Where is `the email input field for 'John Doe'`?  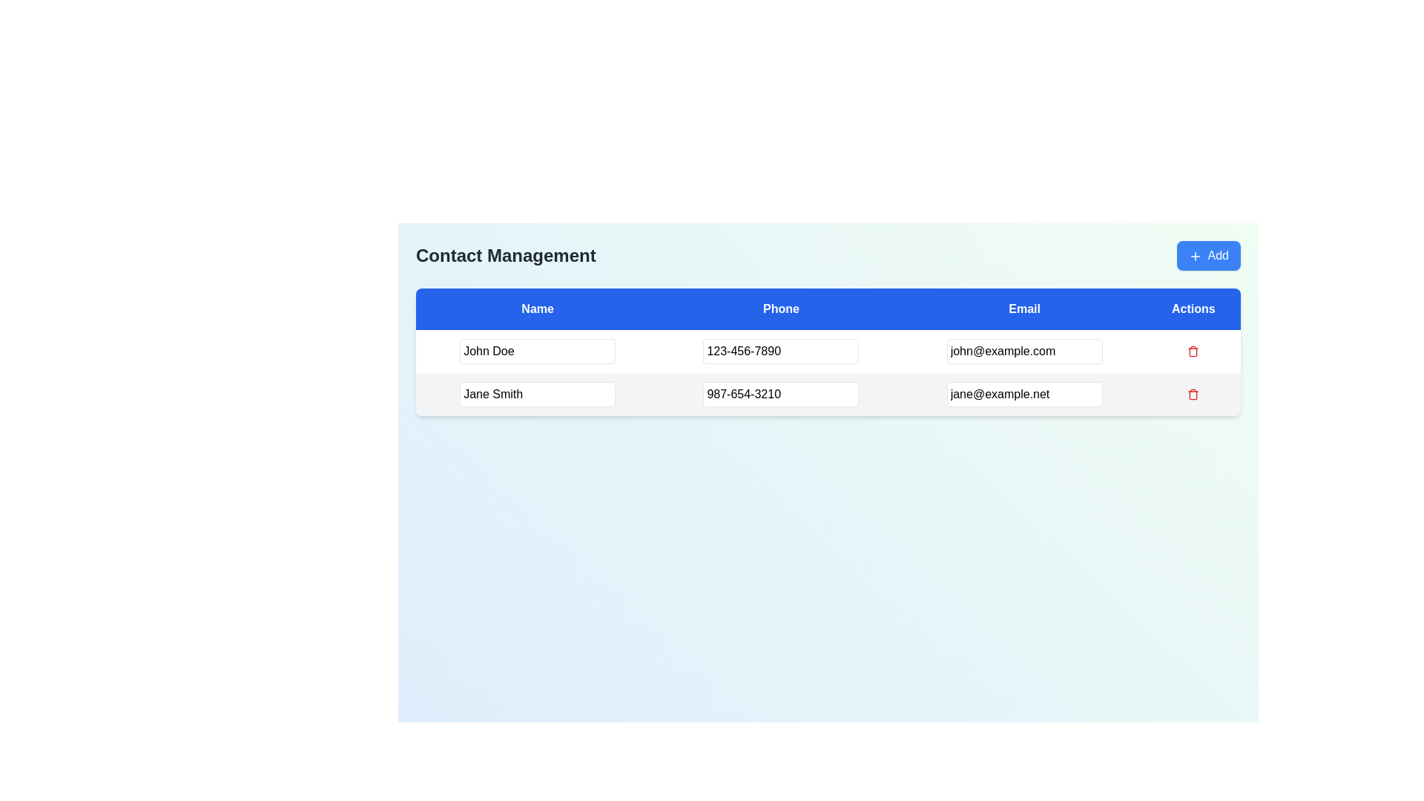 the email input field for 'John Doe' is located at coordinates (1023, 352).